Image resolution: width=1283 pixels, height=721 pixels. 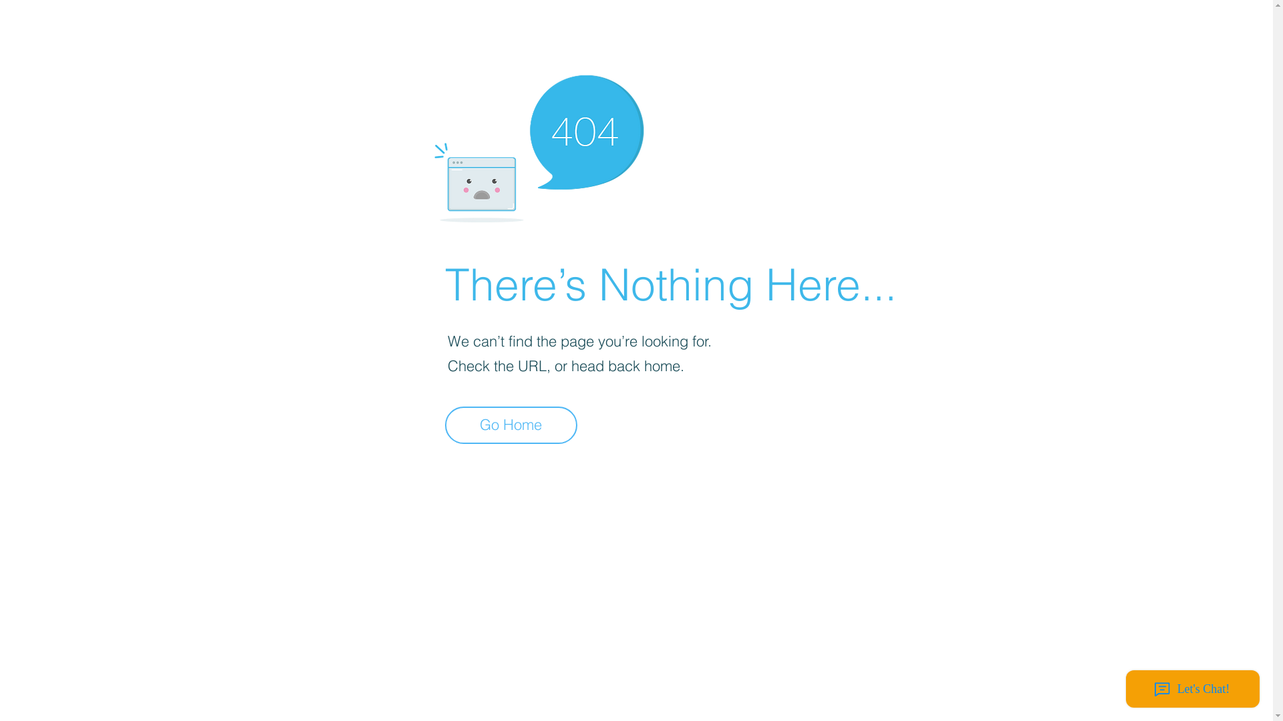 I want to click on '404-icon_2.png', so click(x=538, y=145).